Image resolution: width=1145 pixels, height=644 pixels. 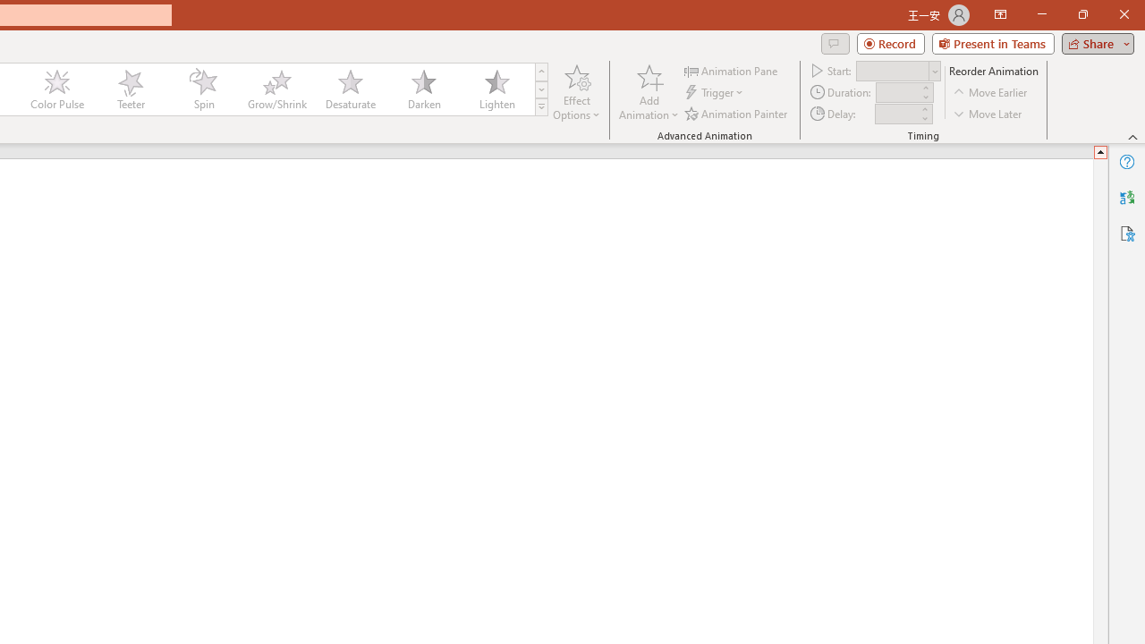 I want to click on 'Animation Duration', so click(x=897, y=92).